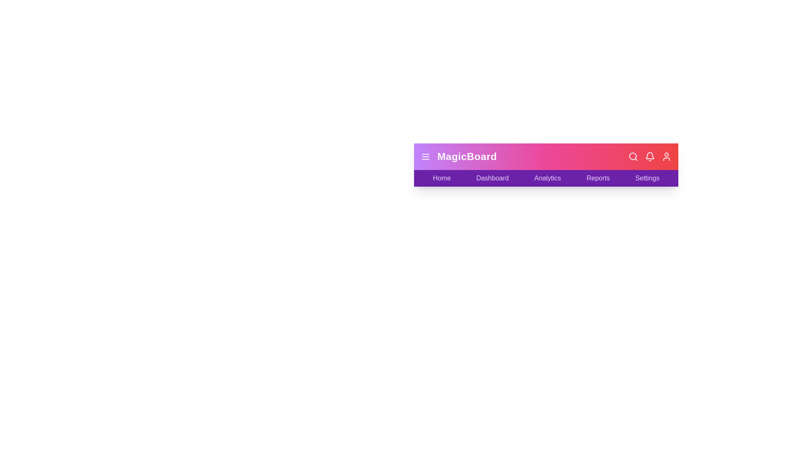  What do you see at coordinates (425, 157) in the screenshot?
I see `menu icon to toggle the visibility of the navigation menu` at bounding box center [425, 157].